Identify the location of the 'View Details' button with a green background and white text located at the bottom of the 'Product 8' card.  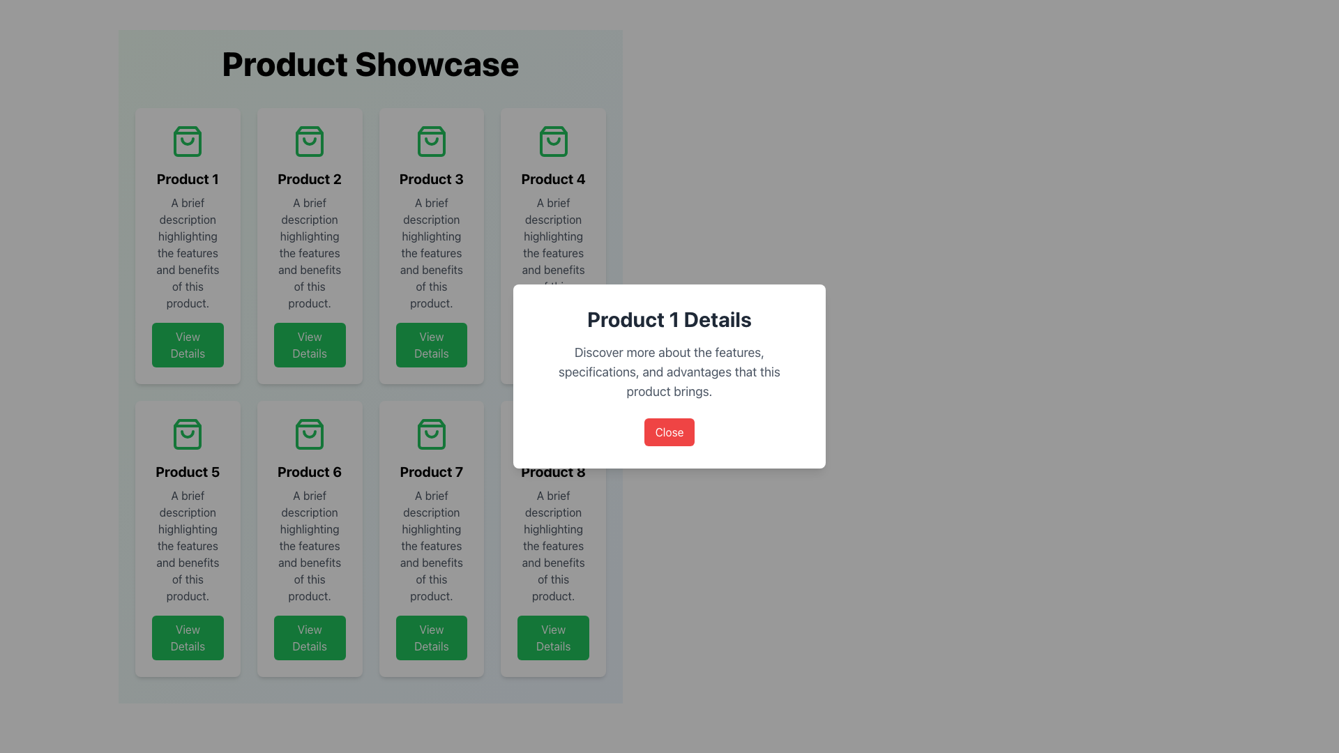
(552, 637).